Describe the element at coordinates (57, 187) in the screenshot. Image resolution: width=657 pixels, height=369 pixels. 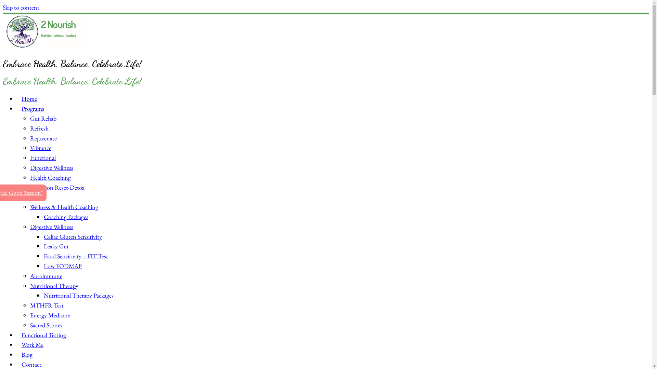
I see `'Nutrition Reset-Detox'` at that location.